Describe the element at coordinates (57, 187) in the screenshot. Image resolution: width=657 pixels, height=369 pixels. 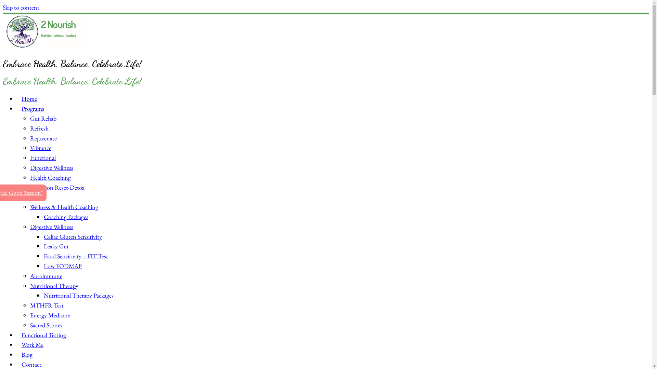
I see `'Nutrition Reset-Detox'` at that location.